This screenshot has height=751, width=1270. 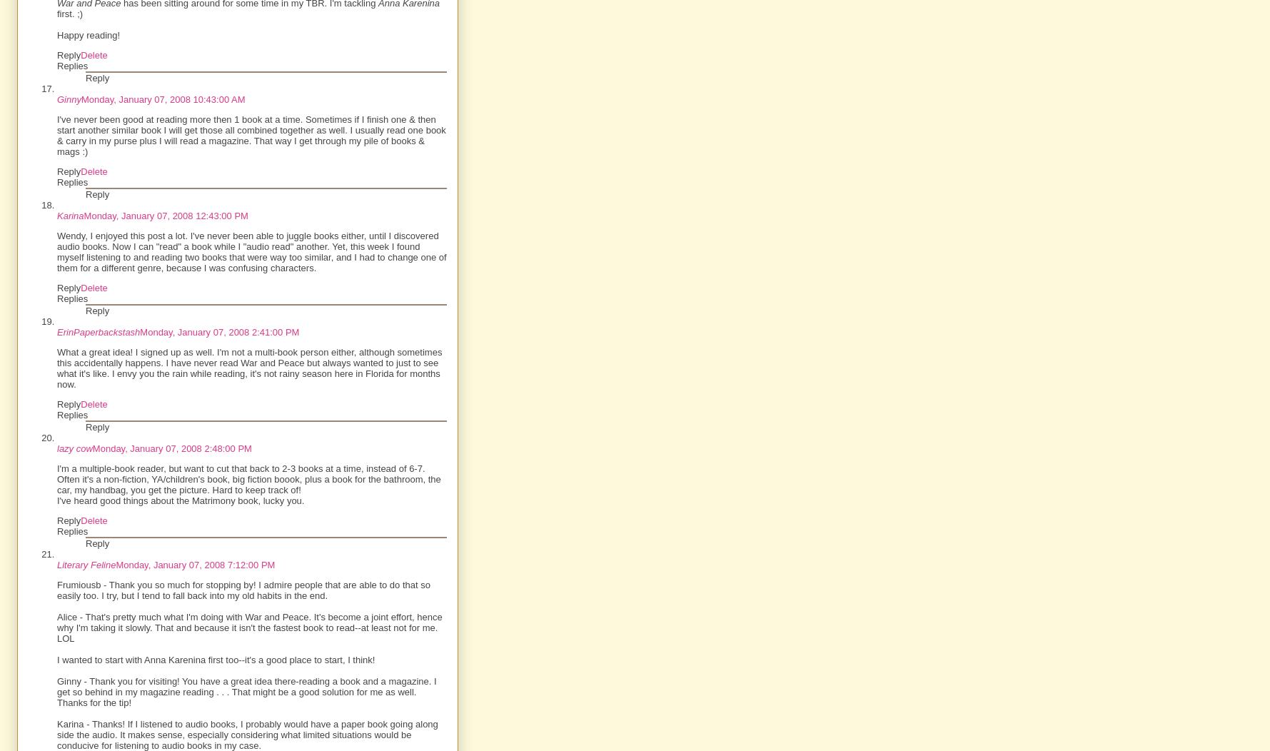 What do you see at coordinates (56, 34) in the screenshot?
I see `'Happy reading!'` at bounding box center [56, 34].